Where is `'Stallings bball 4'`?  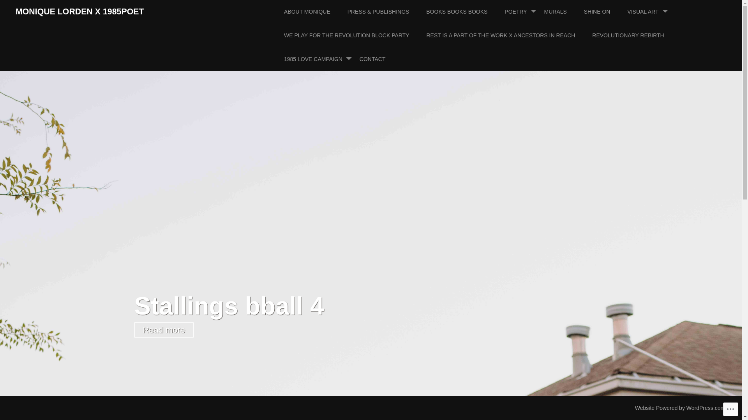 'Stallings bball 4' is located at coordinates (228, 305).